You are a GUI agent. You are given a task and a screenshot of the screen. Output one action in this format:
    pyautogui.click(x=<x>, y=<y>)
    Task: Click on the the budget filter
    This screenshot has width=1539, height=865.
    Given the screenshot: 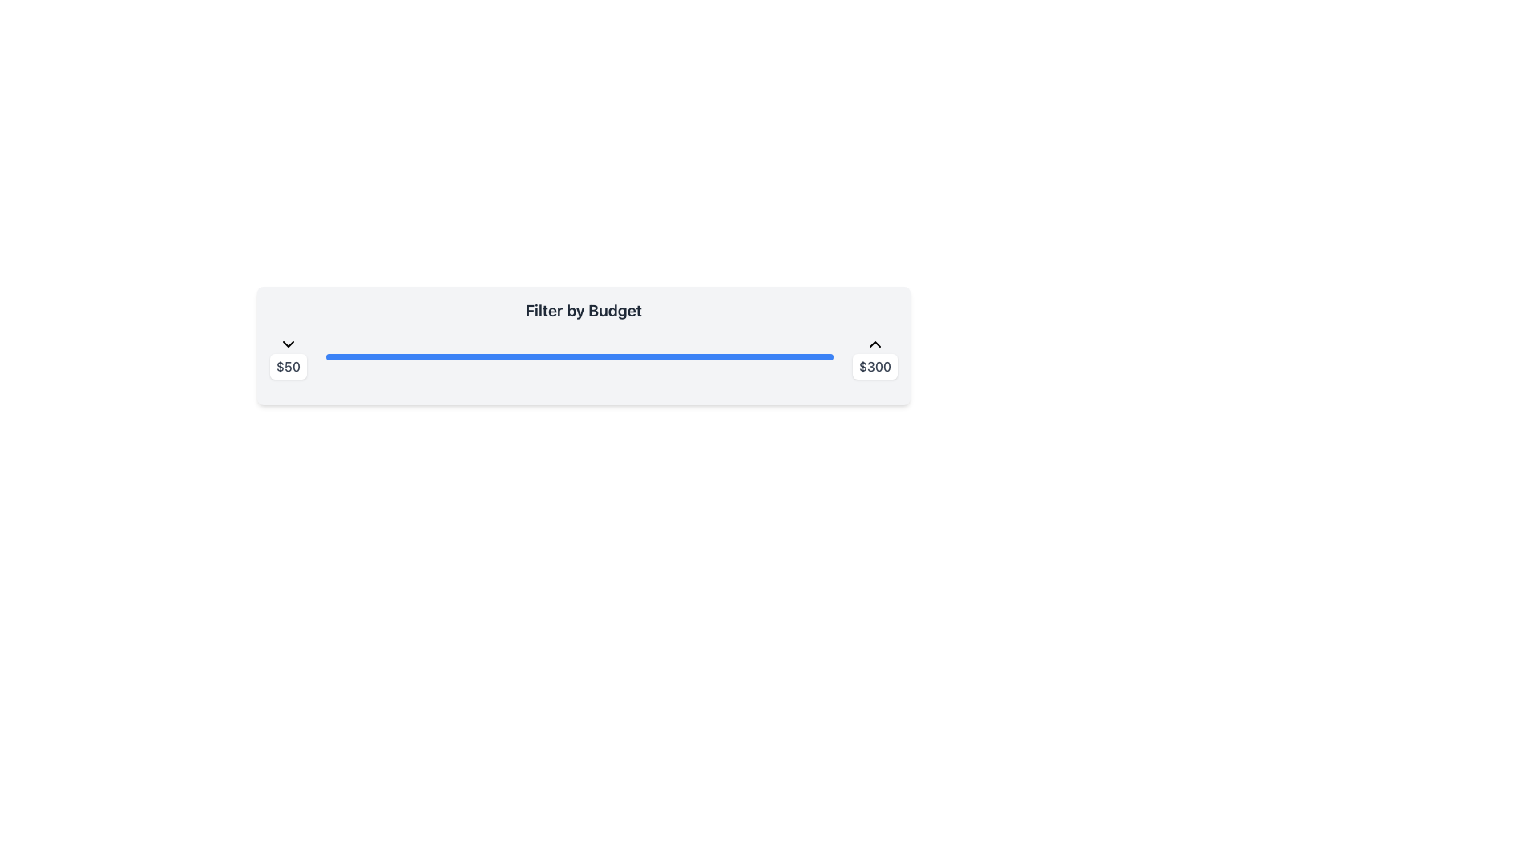 What is the action you would take?
    pyautogui.click(x=603, y=356)
    